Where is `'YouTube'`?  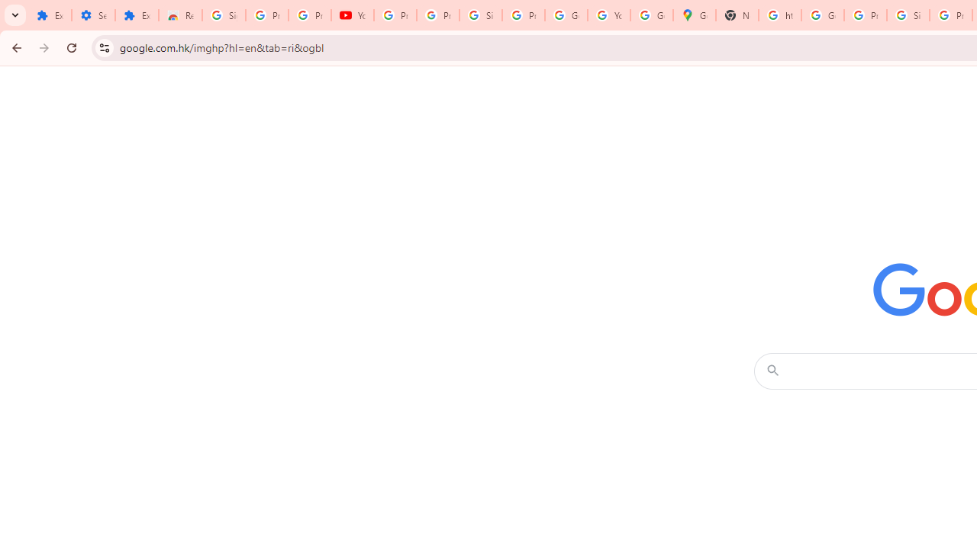 'YouTube' is located at coordinates (352, 15).